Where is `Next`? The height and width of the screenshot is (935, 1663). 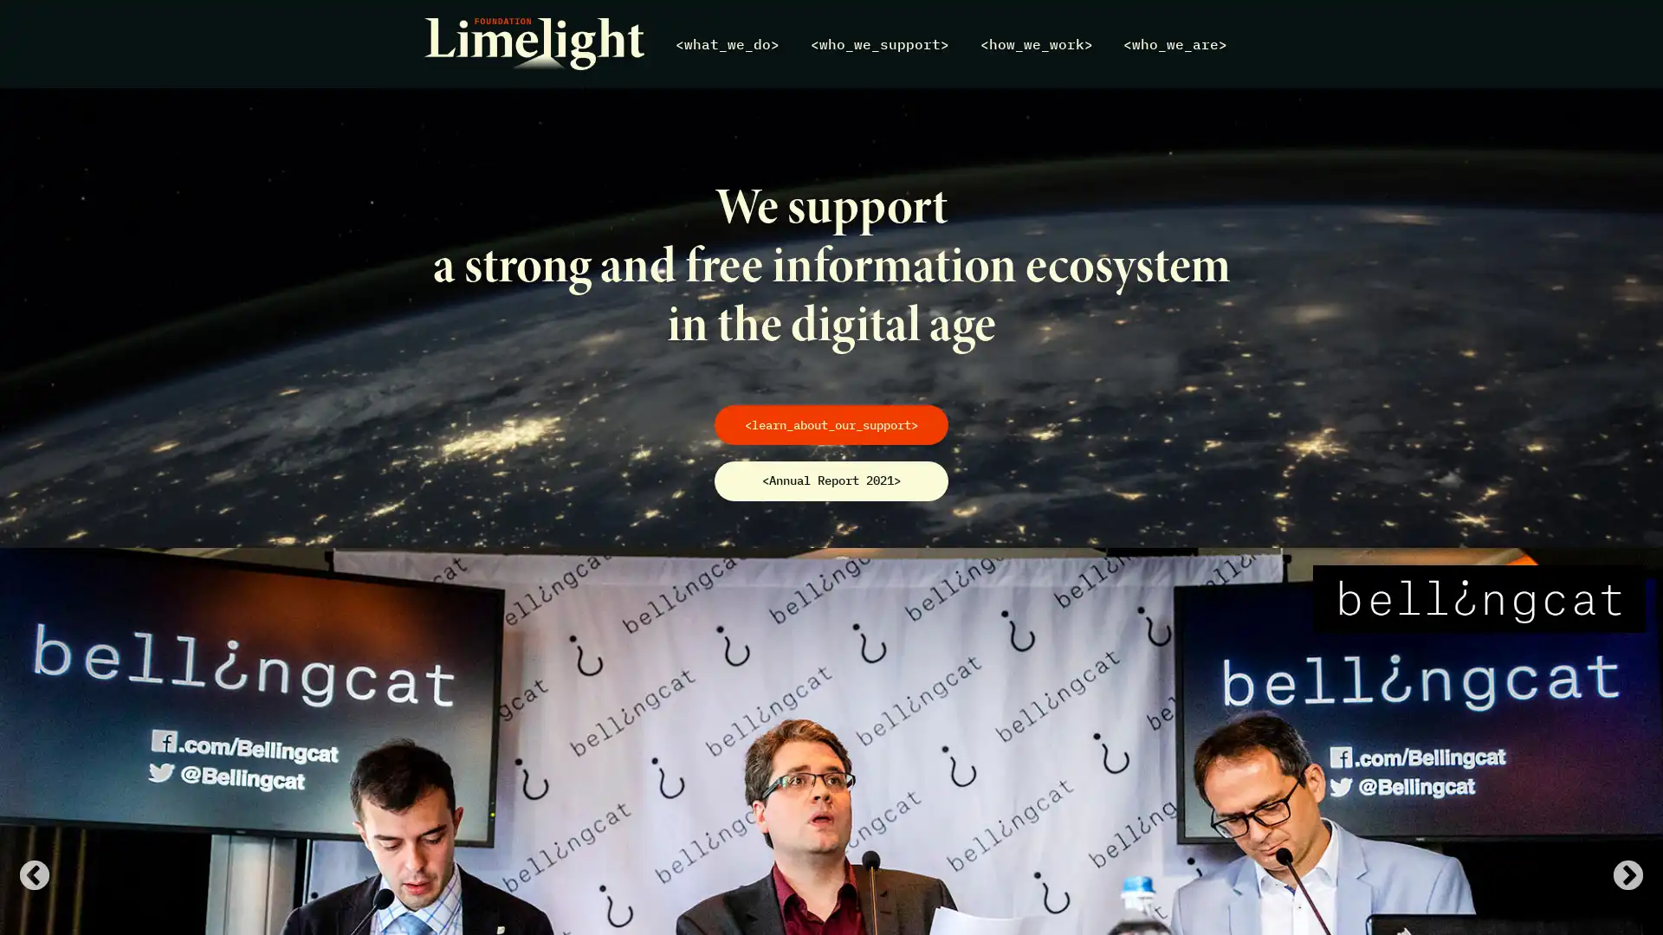 Next is located at coordinates (1627, 877).